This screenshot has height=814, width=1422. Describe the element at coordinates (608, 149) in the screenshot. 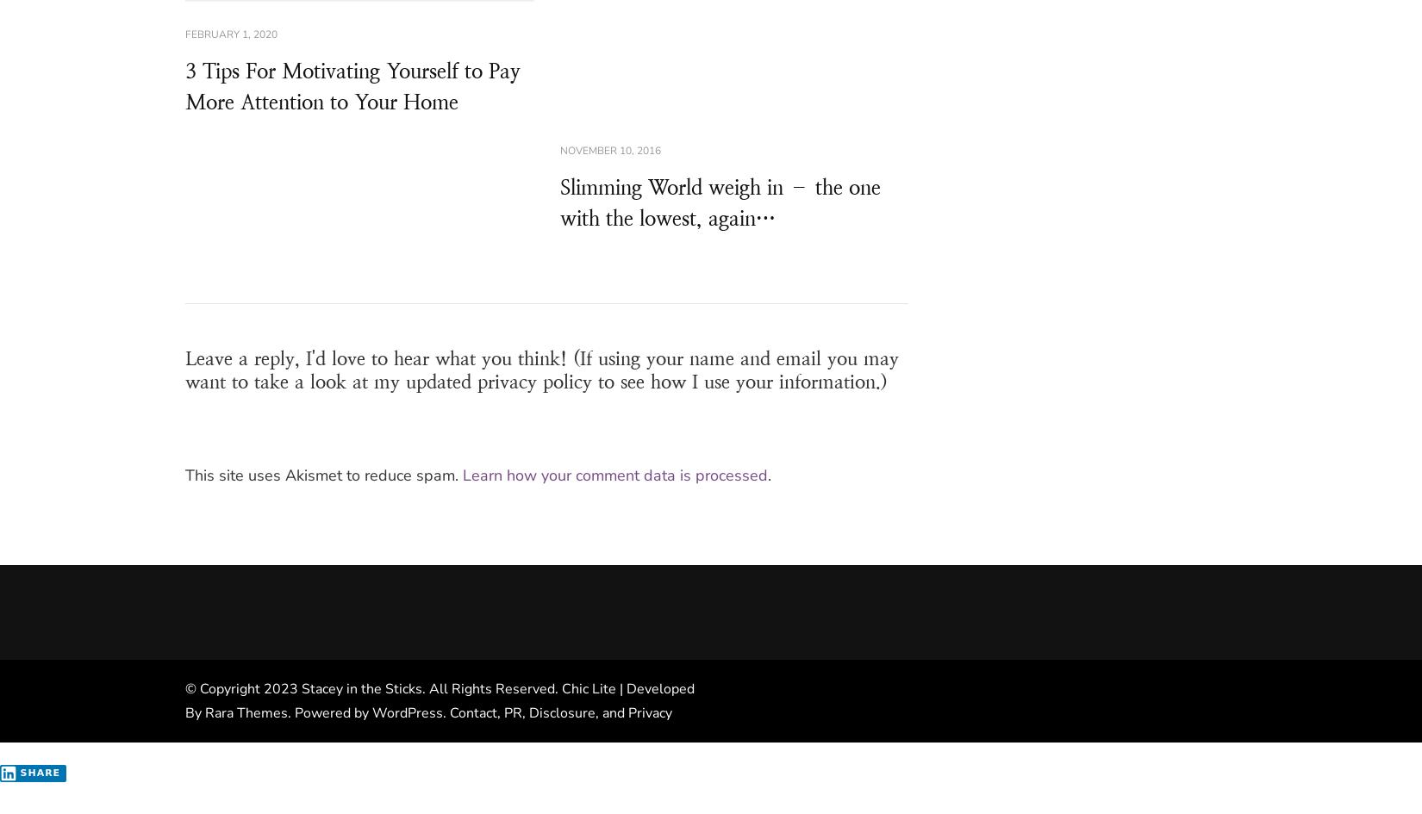

I see `'November 10, 2016'` at that location.